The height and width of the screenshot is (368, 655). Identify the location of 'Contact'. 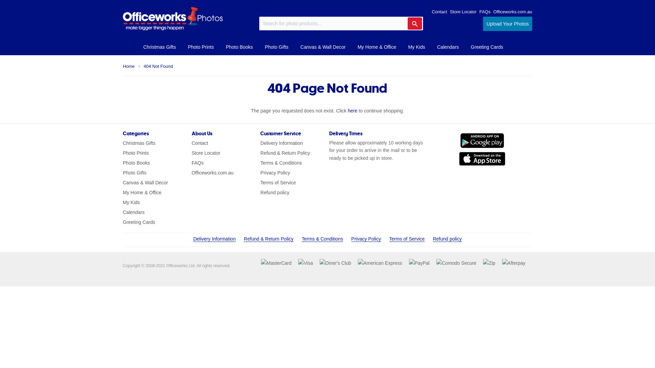
(439, 12).